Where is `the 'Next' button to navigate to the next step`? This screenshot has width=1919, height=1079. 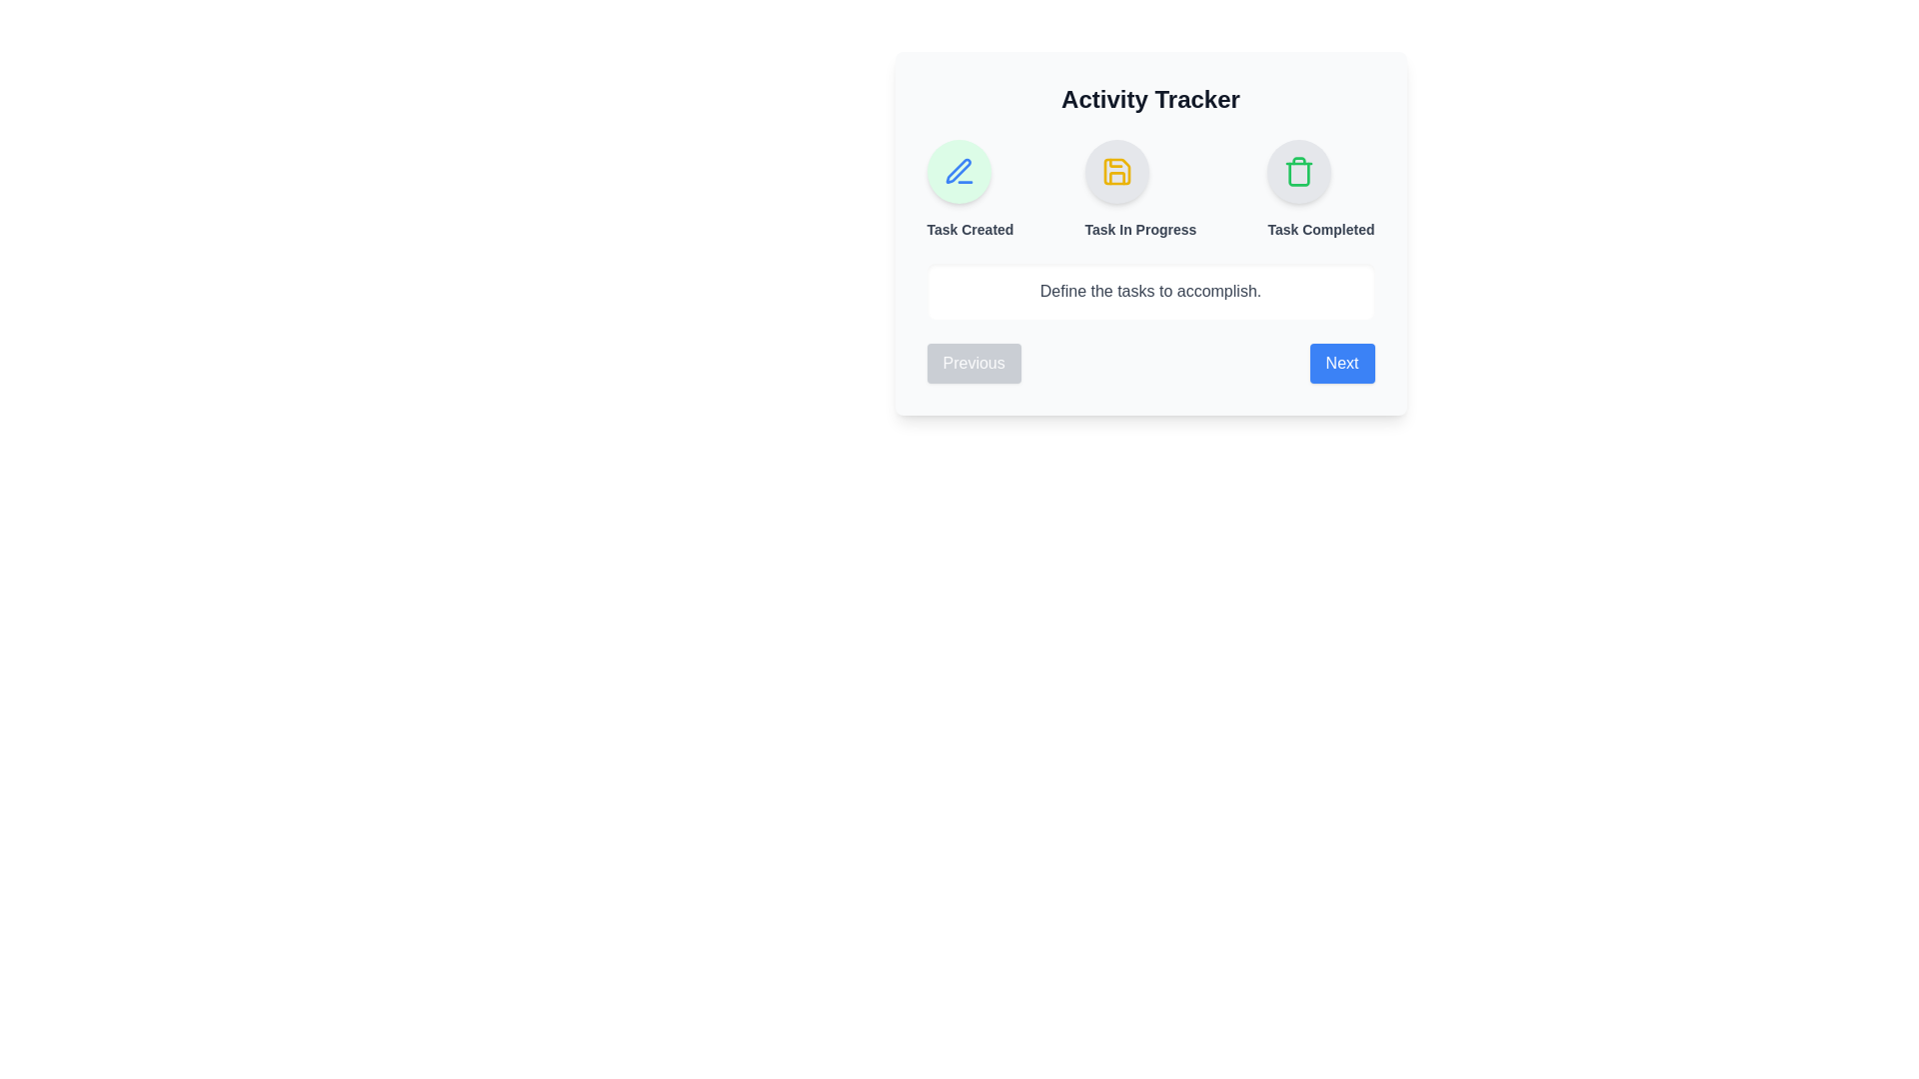
the 'Next' button to navigate to the next step is located at coordinates (1342, 363).